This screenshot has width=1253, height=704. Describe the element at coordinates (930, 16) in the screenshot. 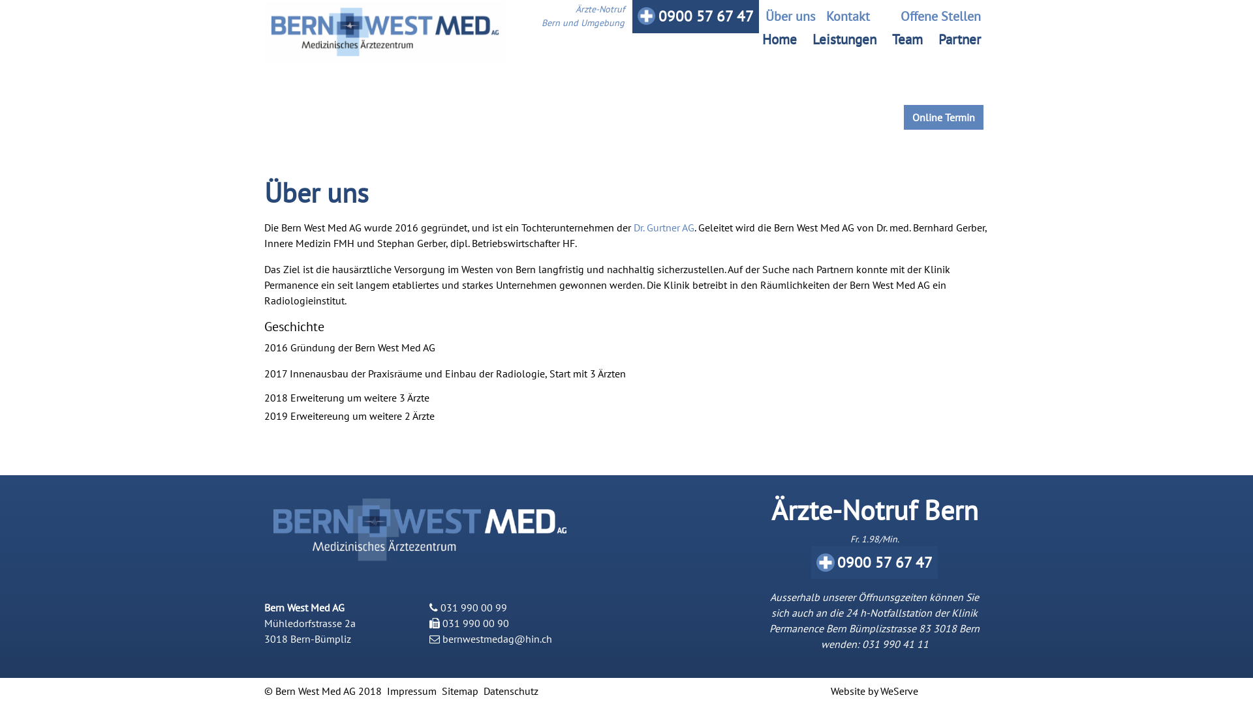

I see `'Offene Stellen'` at that location.